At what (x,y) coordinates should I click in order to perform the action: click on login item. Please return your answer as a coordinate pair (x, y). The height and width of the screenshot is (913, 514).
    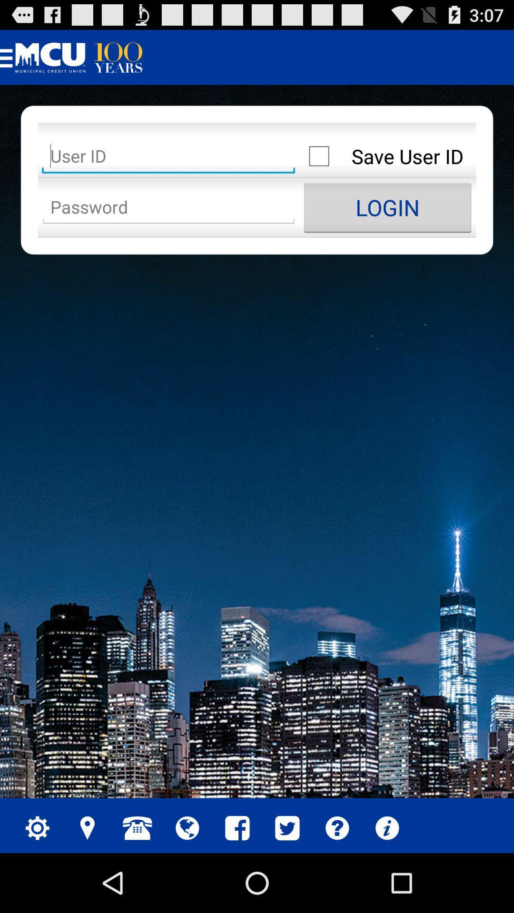
    Looking at the image, I should click on (387, 207).